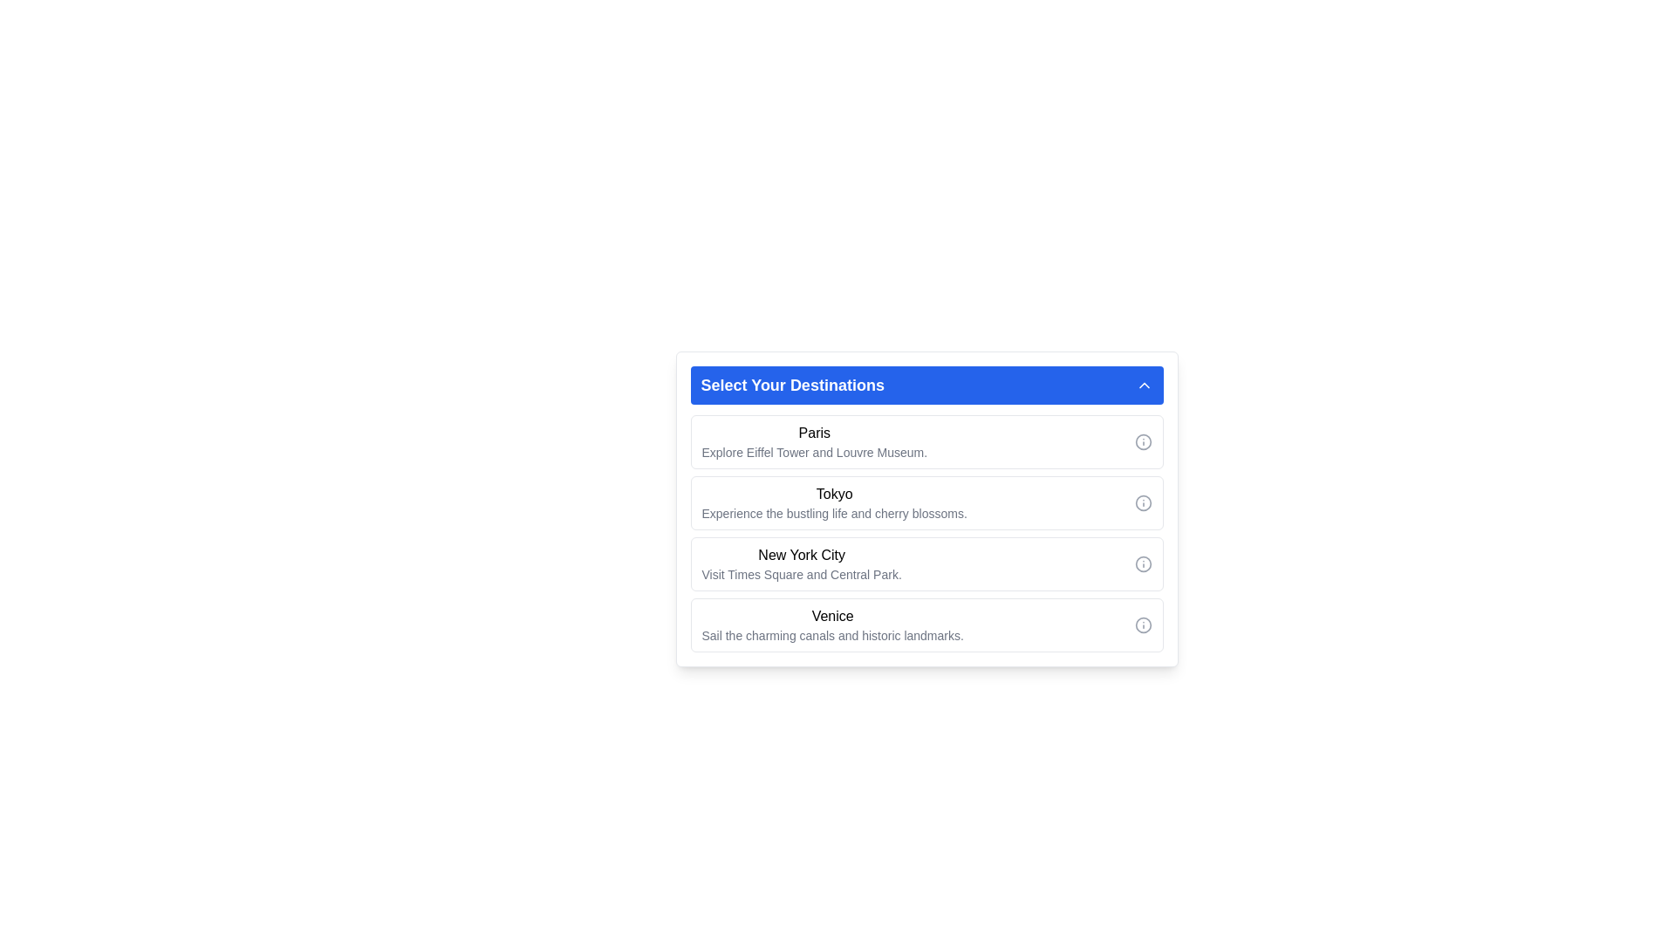 The width and height of the screenshot is (1675, 942). I want to click on the chevron icon positioned to the right of the text 'Select Your Destinations' in the blue header bar for visual feedback, so click(1144, 385).